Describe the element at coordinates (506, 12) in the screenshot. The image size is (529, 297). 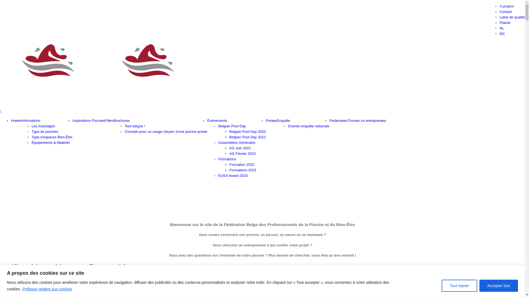
I see `'Contact'` at that location.